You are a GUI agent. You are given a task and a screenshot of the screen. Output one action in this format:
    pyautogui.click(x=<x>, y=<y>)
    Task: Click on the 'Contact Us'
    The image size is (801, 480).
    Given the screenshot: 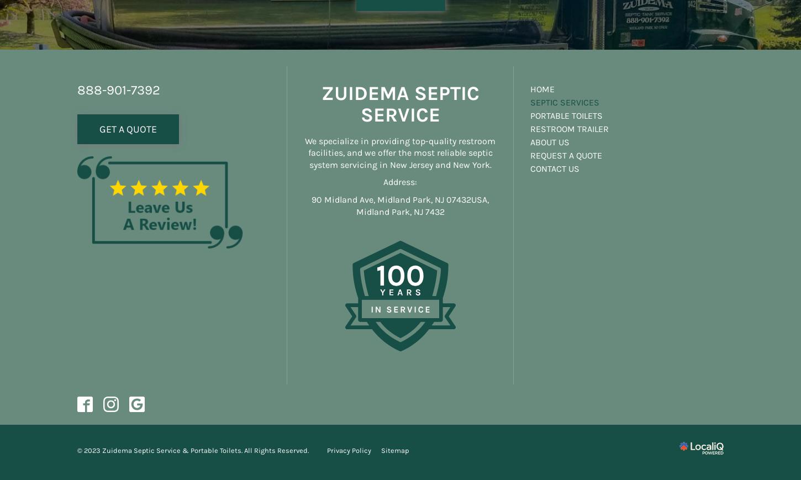 What is the action you would take?
    pyautogui.click(x=555, y=167)
    